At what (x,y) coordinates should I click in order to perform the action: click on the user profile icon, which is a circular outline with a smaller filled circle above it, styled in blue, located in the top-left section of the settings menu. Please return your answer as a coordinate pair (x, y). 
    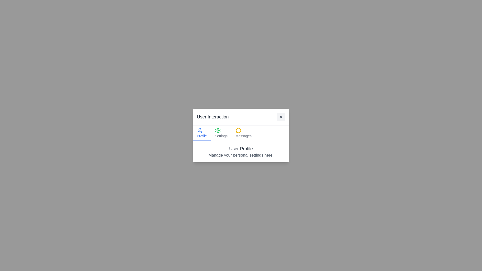
    Looking at the image, I should click on (200, 130).